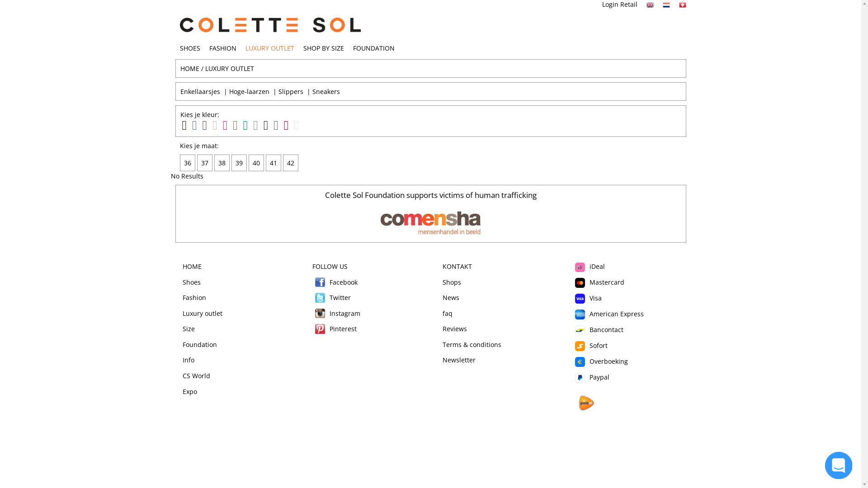  Describe the element at coordinates (257, 163) in the screenshot. I see `'40 '` at that location.